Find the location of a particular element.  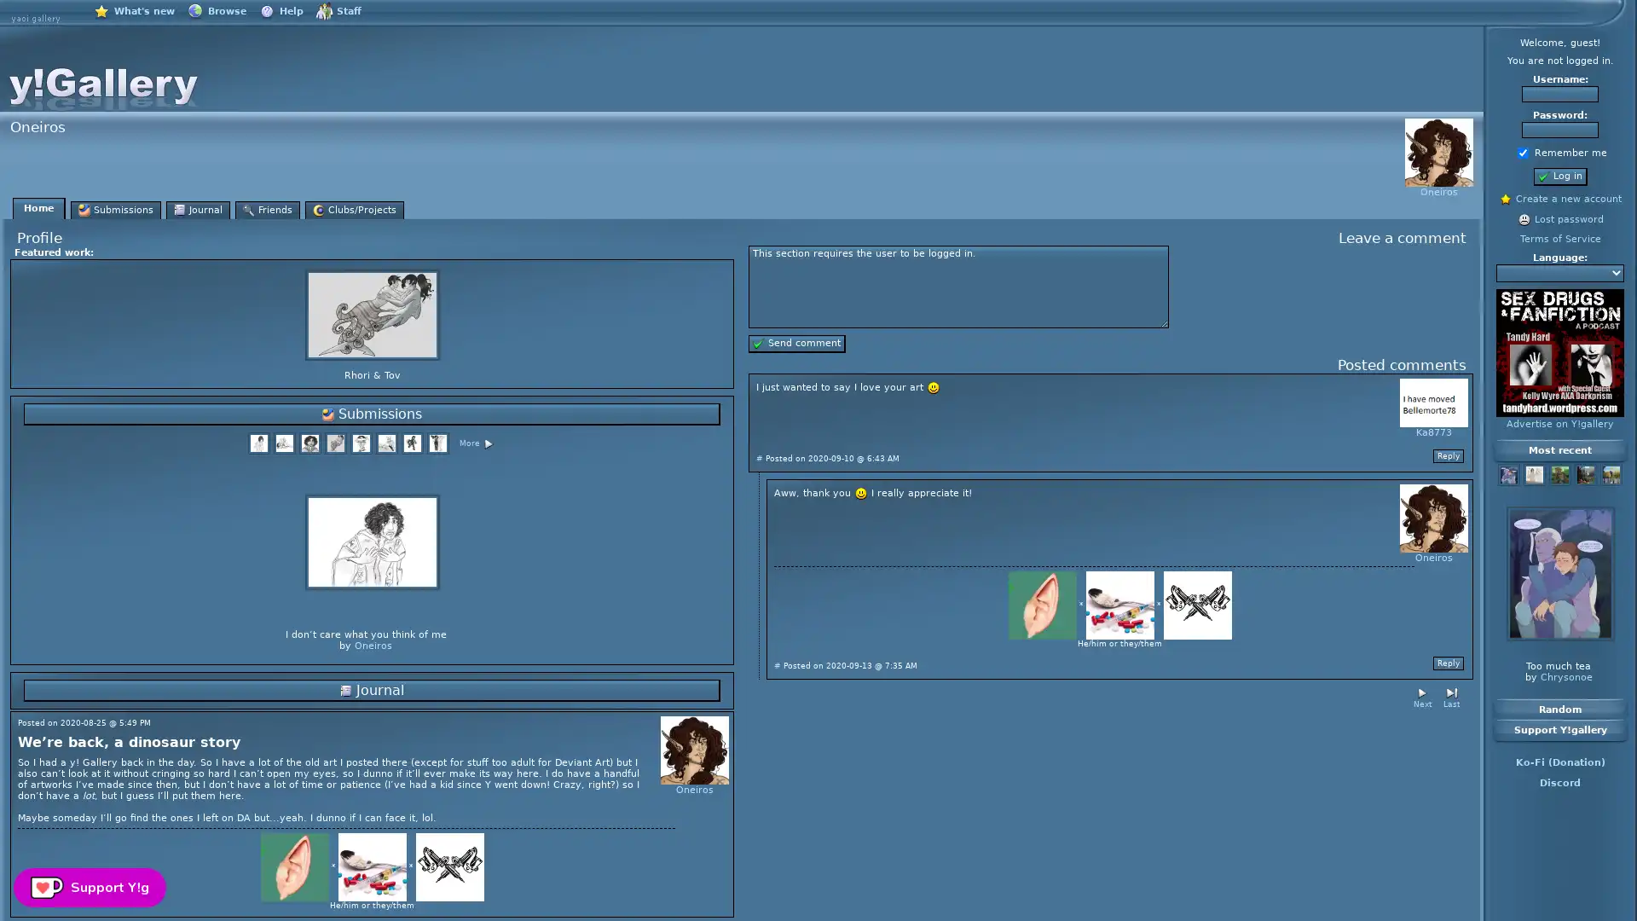

Journal is located at coordinates (371, 691).